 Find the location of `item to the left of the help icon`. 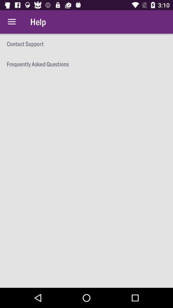

item to the left of the help icon is located at coordinates (12, 22).